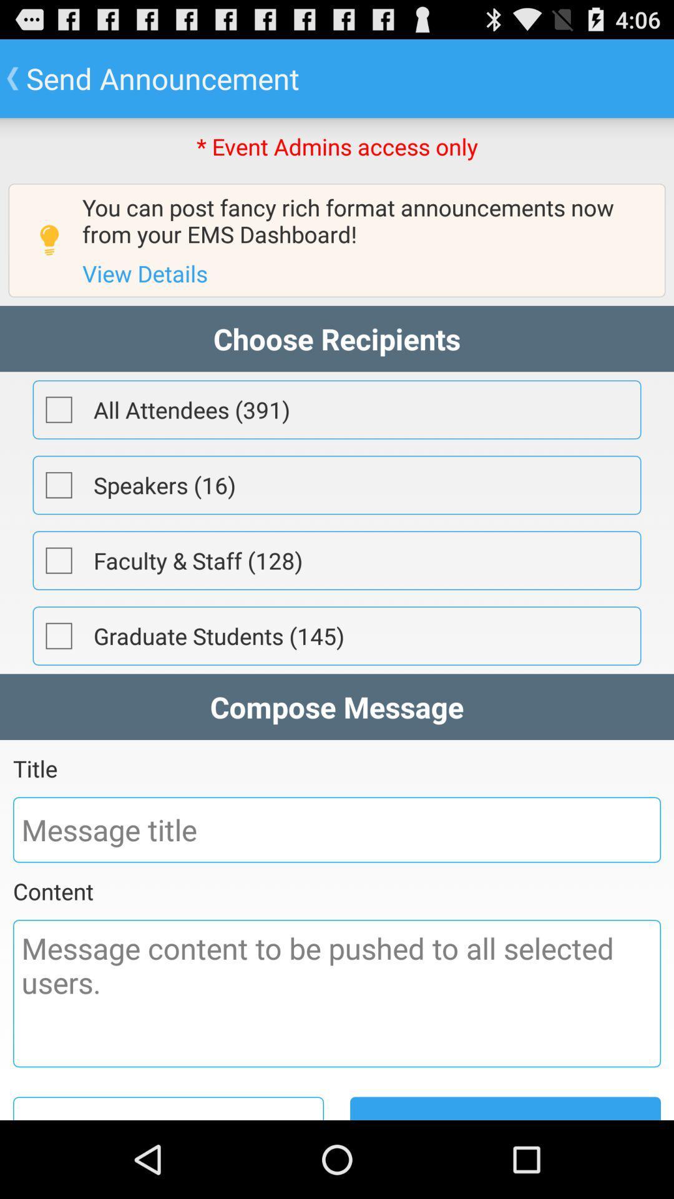  Describe the element at coordinates (59, 560) in the screenshot. I see `recipients` at that location.